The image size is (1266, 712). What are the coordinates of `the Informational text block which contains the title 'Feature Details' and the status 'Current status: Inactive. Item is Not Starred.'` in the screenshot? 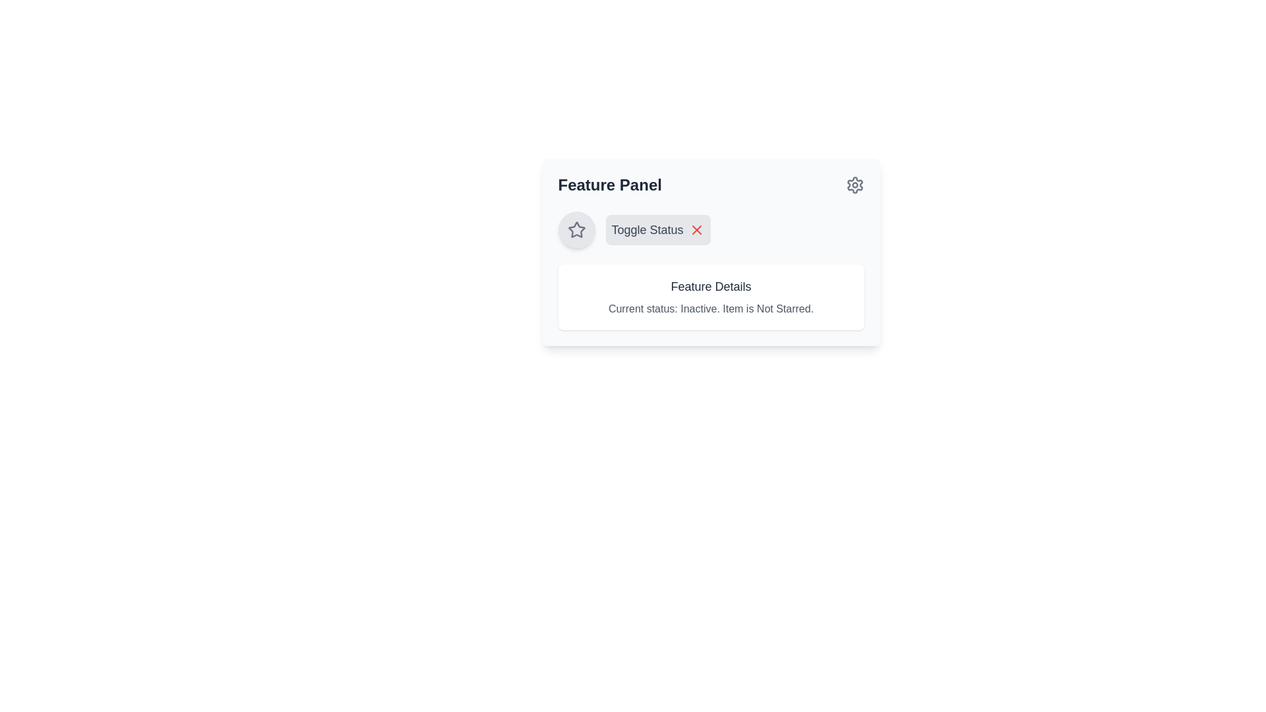 It's located at (710, 297).